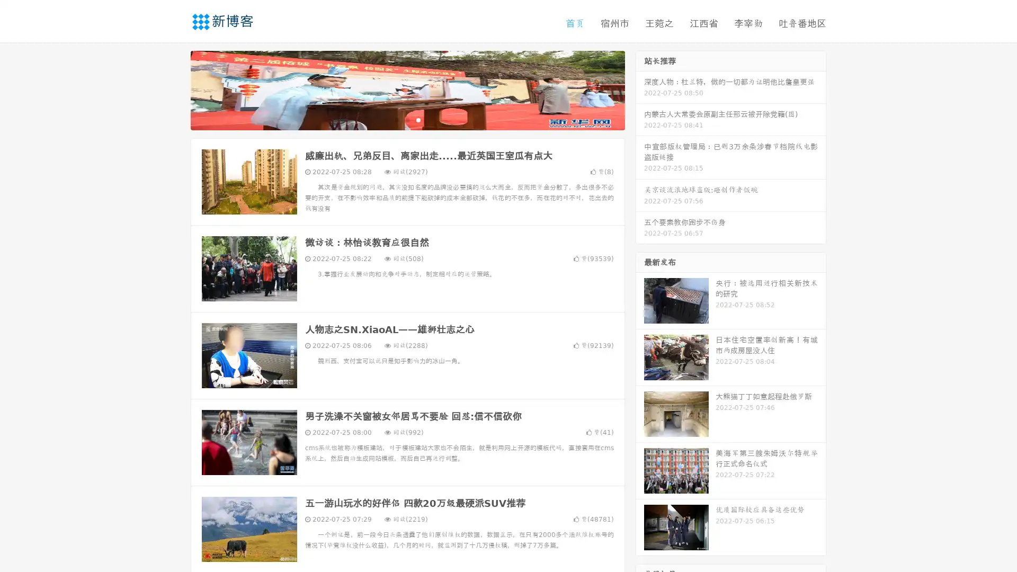 This screenshot has height=572, width=1017. What do you see at coordinates (418, 119) in the screenshot?
I see `Go to slide 3` at bounding box center [418, 119].